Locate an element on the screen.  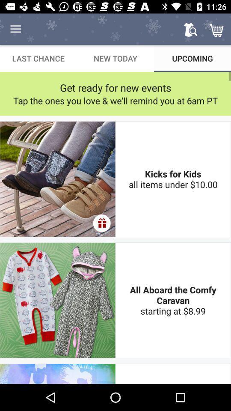
tap the ones icon is located at coordinates (115, 101).